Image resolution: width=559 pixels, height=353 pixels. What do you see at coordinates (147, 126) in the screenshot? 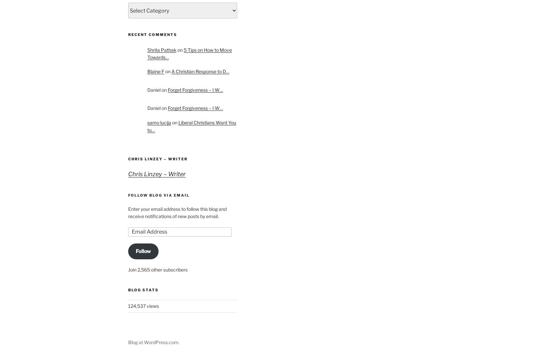
I see `'Liberal Christians Want You to…'` at bounding box center [147, 126].